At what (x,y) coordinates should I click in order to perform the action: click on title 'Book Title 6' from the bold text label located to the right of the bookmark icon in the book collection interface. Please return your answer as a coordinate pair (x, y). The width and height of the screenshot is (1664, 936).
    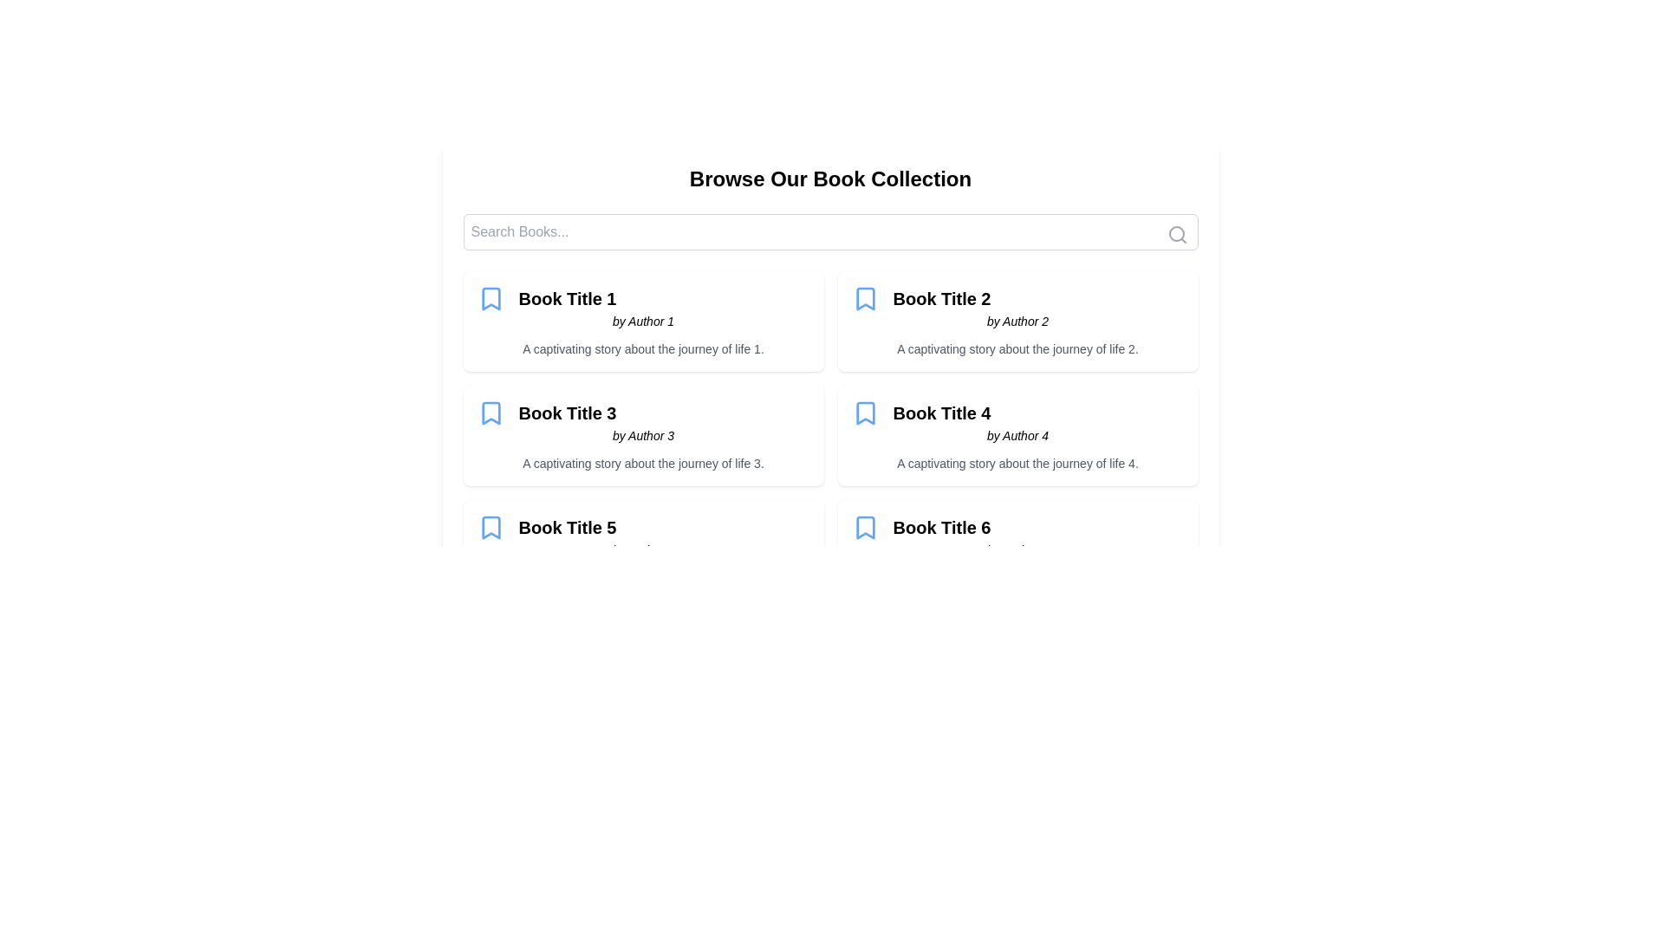
    Looking at the image, I should click on (940, 527).